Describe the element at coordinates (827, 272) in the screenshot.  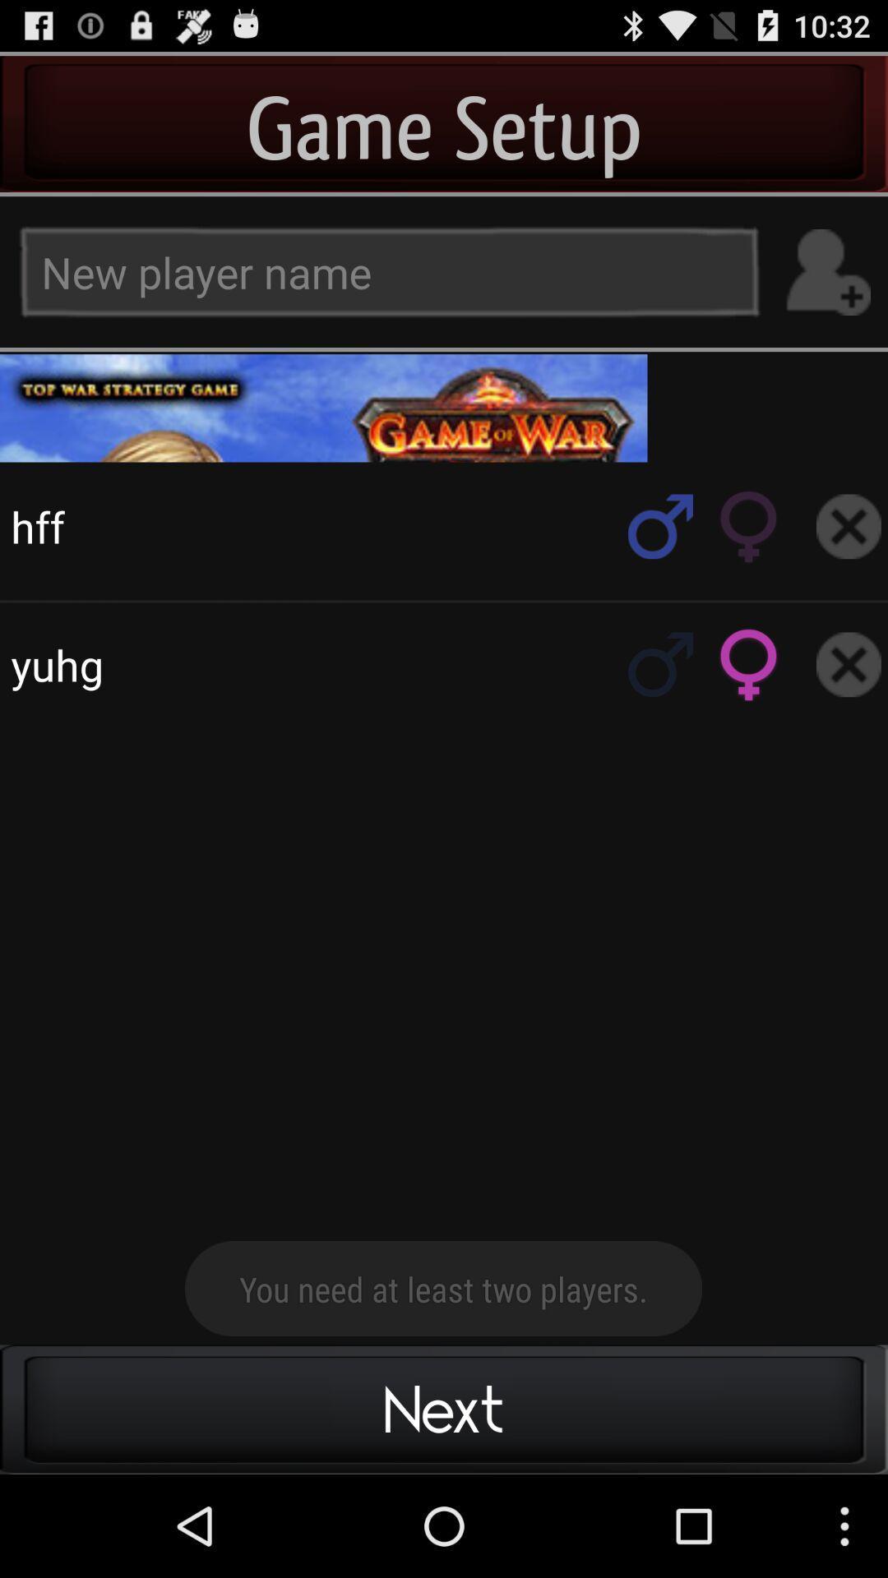
I see `the add option` at that location.